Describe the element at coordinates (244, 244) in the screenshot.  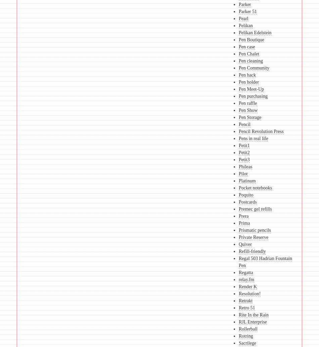
I see `'Quiver'` at that location.